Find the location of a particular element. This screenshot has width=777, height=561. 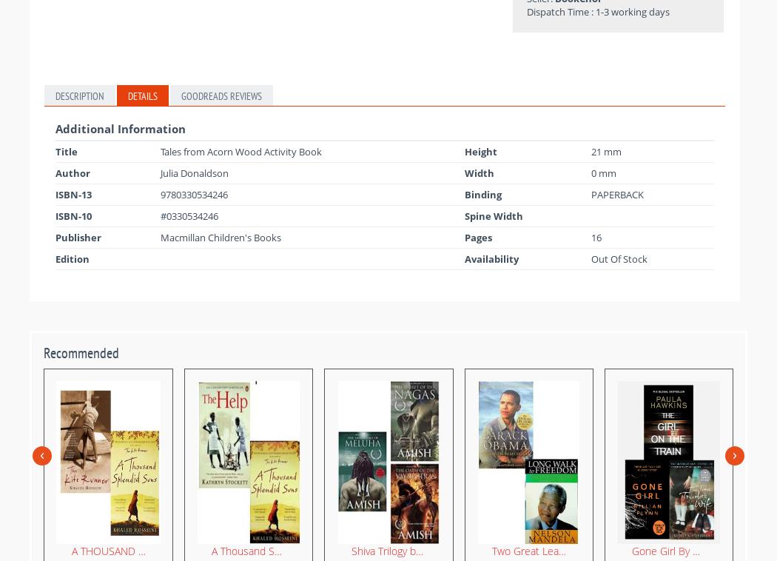

'Out Of Stock' is located at coordinates (619, 258).